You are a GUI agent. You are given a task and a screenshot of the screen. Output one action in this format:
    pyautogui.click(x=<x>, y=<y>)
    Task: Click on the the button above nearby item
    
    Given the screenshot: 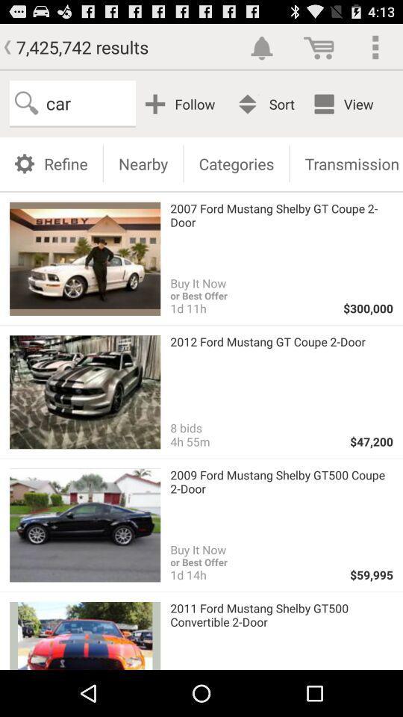 What is the action you would take?
    pyautogui.click(x=183, y=103)
    